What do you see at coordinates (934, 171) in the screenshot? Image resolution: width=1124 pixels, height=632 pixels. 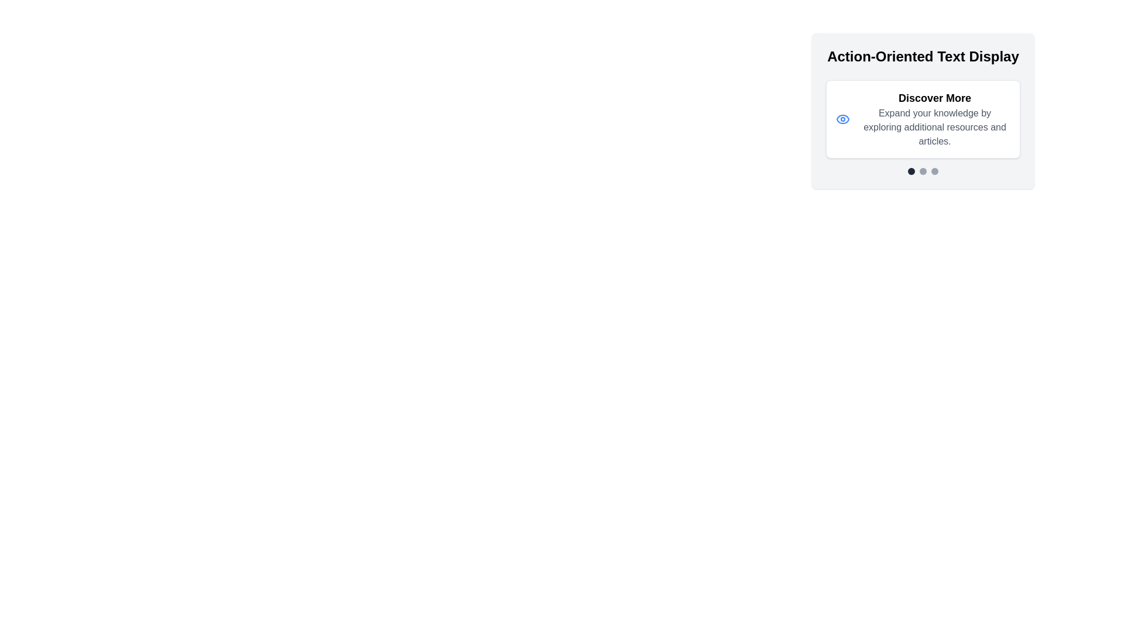 I see `the rightmost circular button that navigates to the third slide in the group of three buttons below the 'Action-Oriented Text Display' card` at bounding box center [934, 171].